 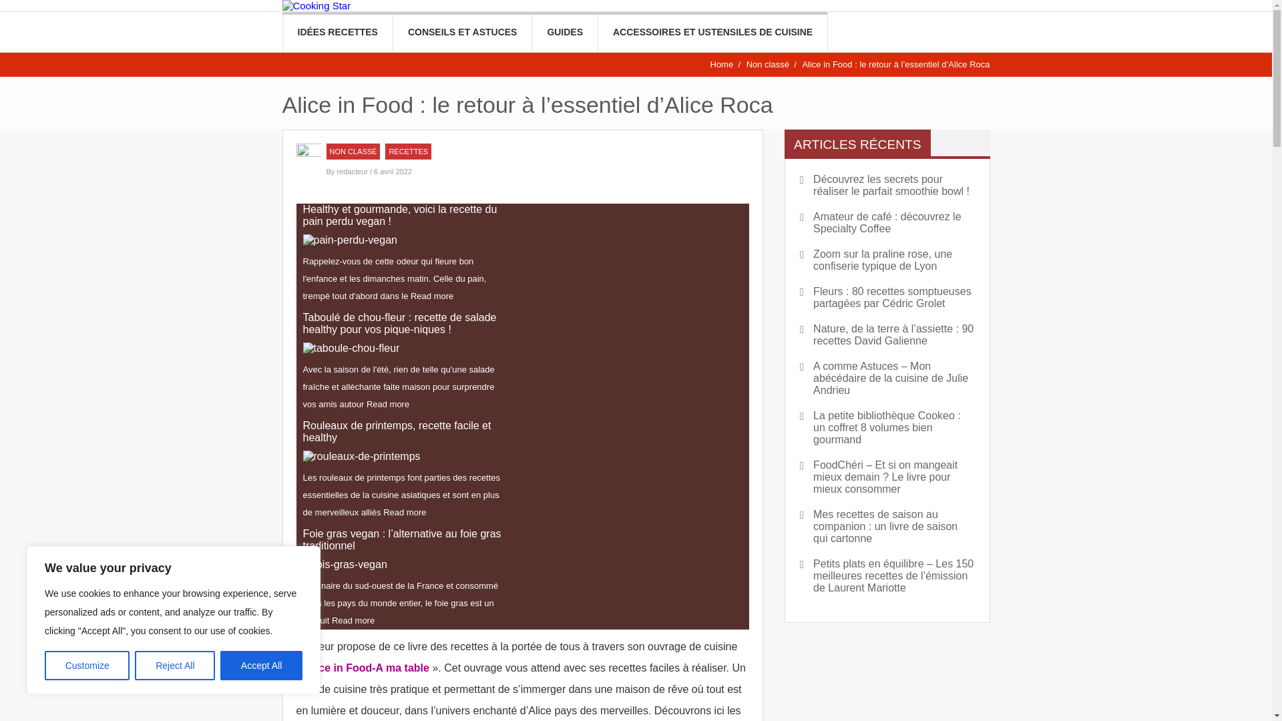 What do you see at coordinates (887, 260) in the screenshot?
I see `'Zoom sur la praline rose, une confiserie typique de Lyon'` at bounding box center [887, 260].